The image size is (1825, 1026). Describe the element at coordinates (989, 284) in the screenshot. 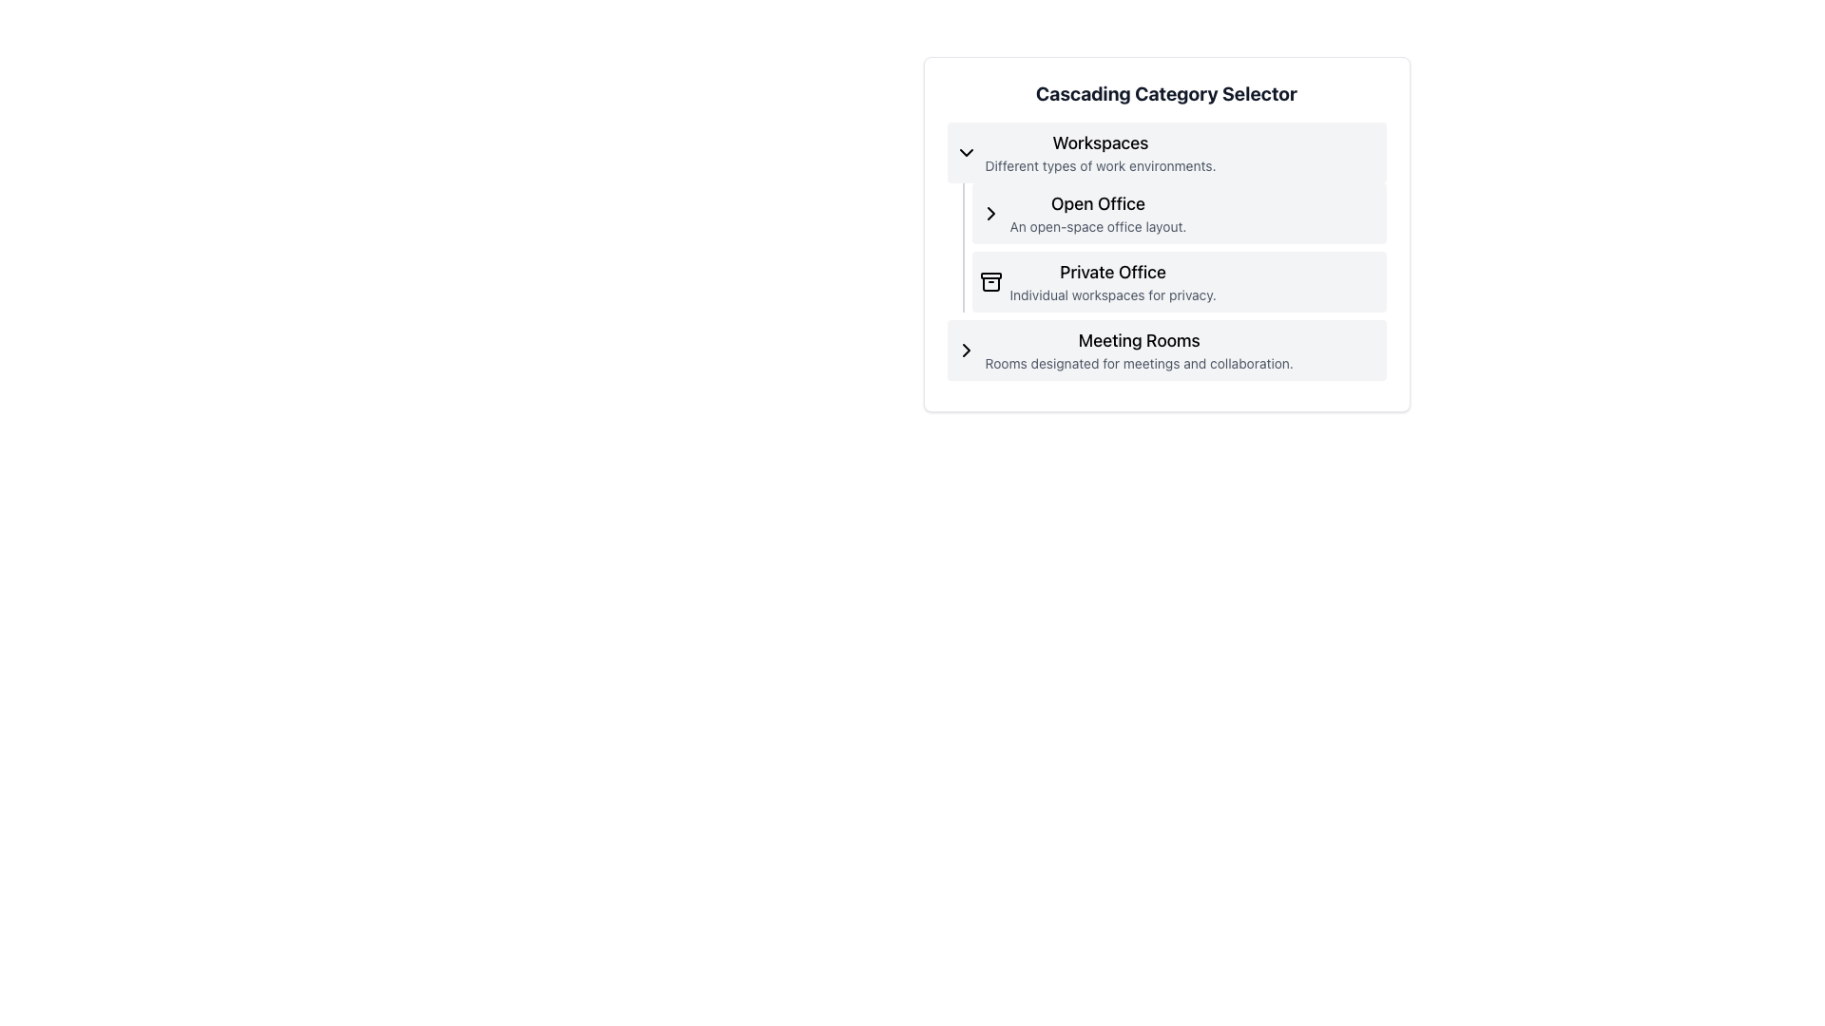

I see `the middle component of the three-part icon next to the 'Private Office' label in the vertical menu` at that location.